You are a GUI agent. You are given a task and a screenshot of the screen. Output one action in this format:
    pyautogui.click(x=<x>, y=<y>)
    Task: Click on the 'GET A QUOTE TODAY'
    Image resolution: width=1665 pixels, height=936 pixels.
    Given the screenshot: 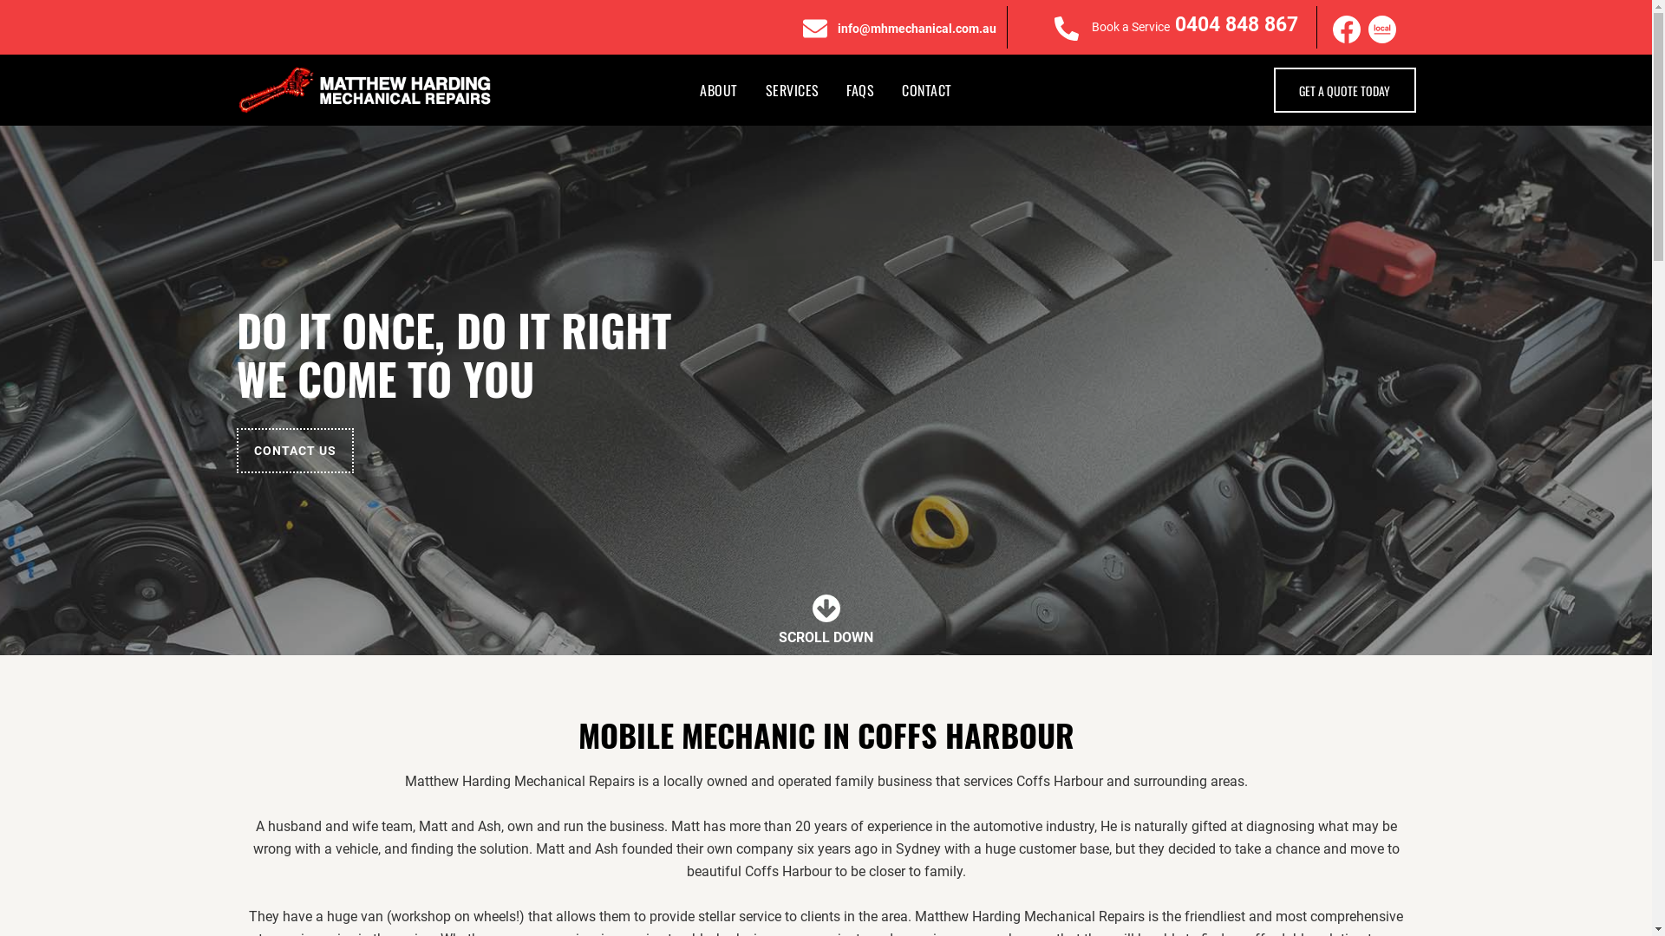 What is the action you would take?
    pyautogui.click(x=1273, y=90)
    